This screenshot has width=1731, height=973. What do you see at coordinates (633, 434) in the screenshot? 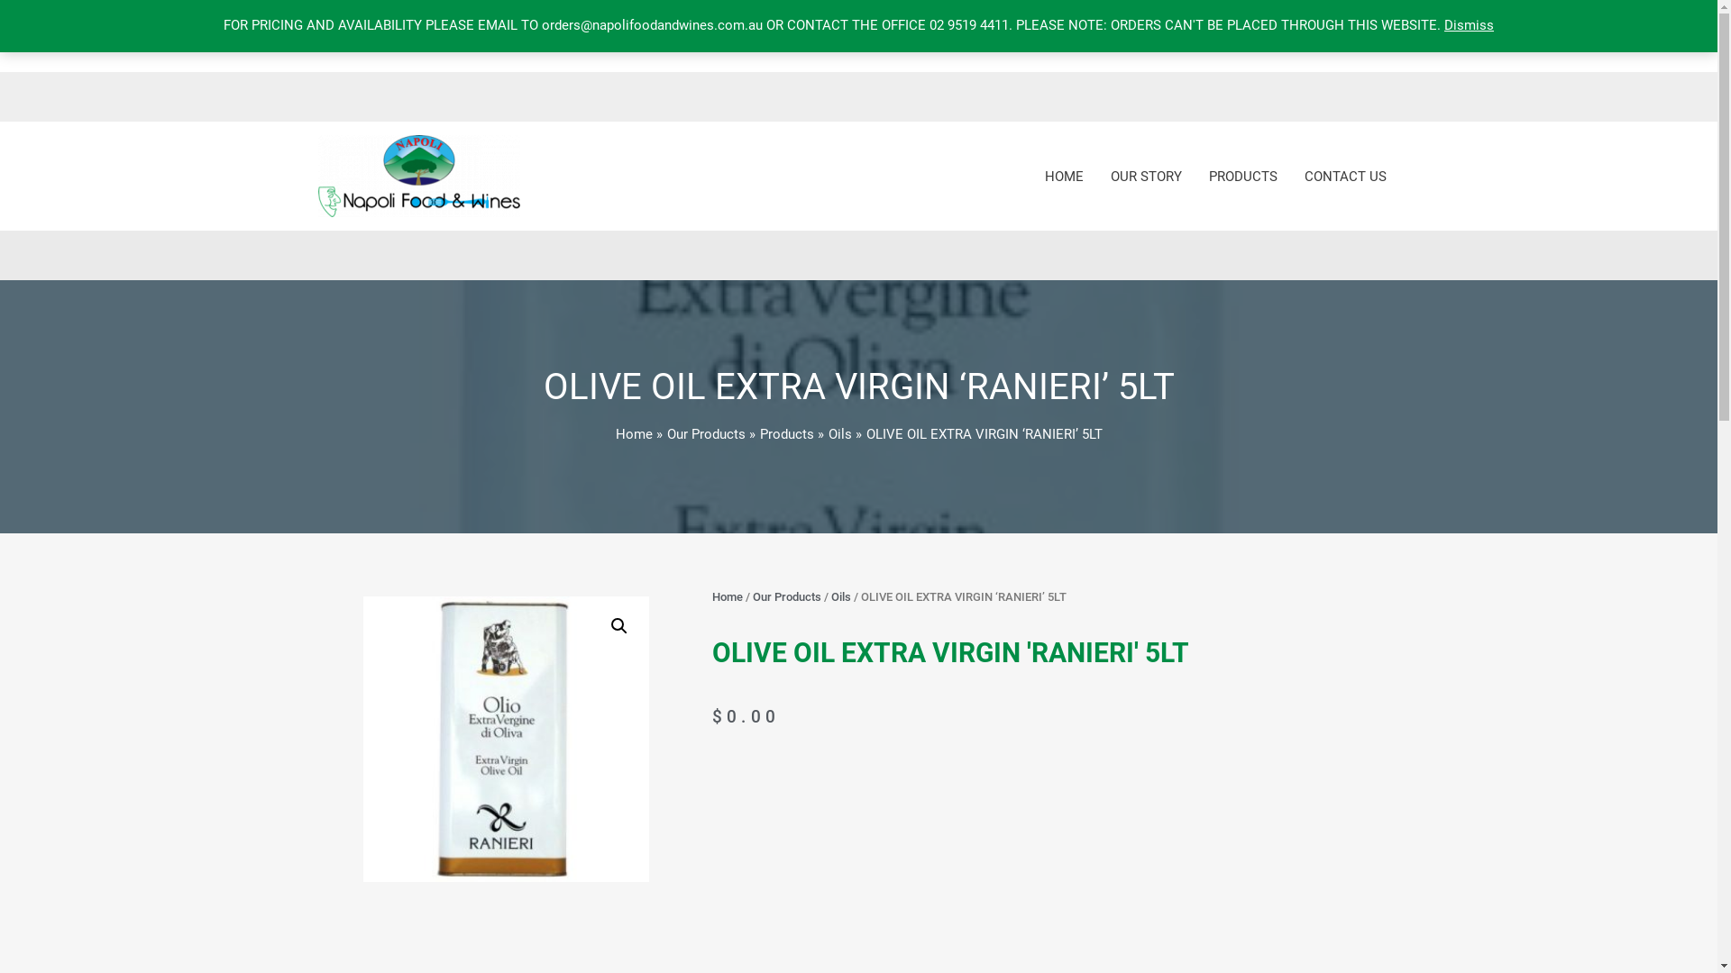
I see `'Home'` at bounding box center [633, 434].